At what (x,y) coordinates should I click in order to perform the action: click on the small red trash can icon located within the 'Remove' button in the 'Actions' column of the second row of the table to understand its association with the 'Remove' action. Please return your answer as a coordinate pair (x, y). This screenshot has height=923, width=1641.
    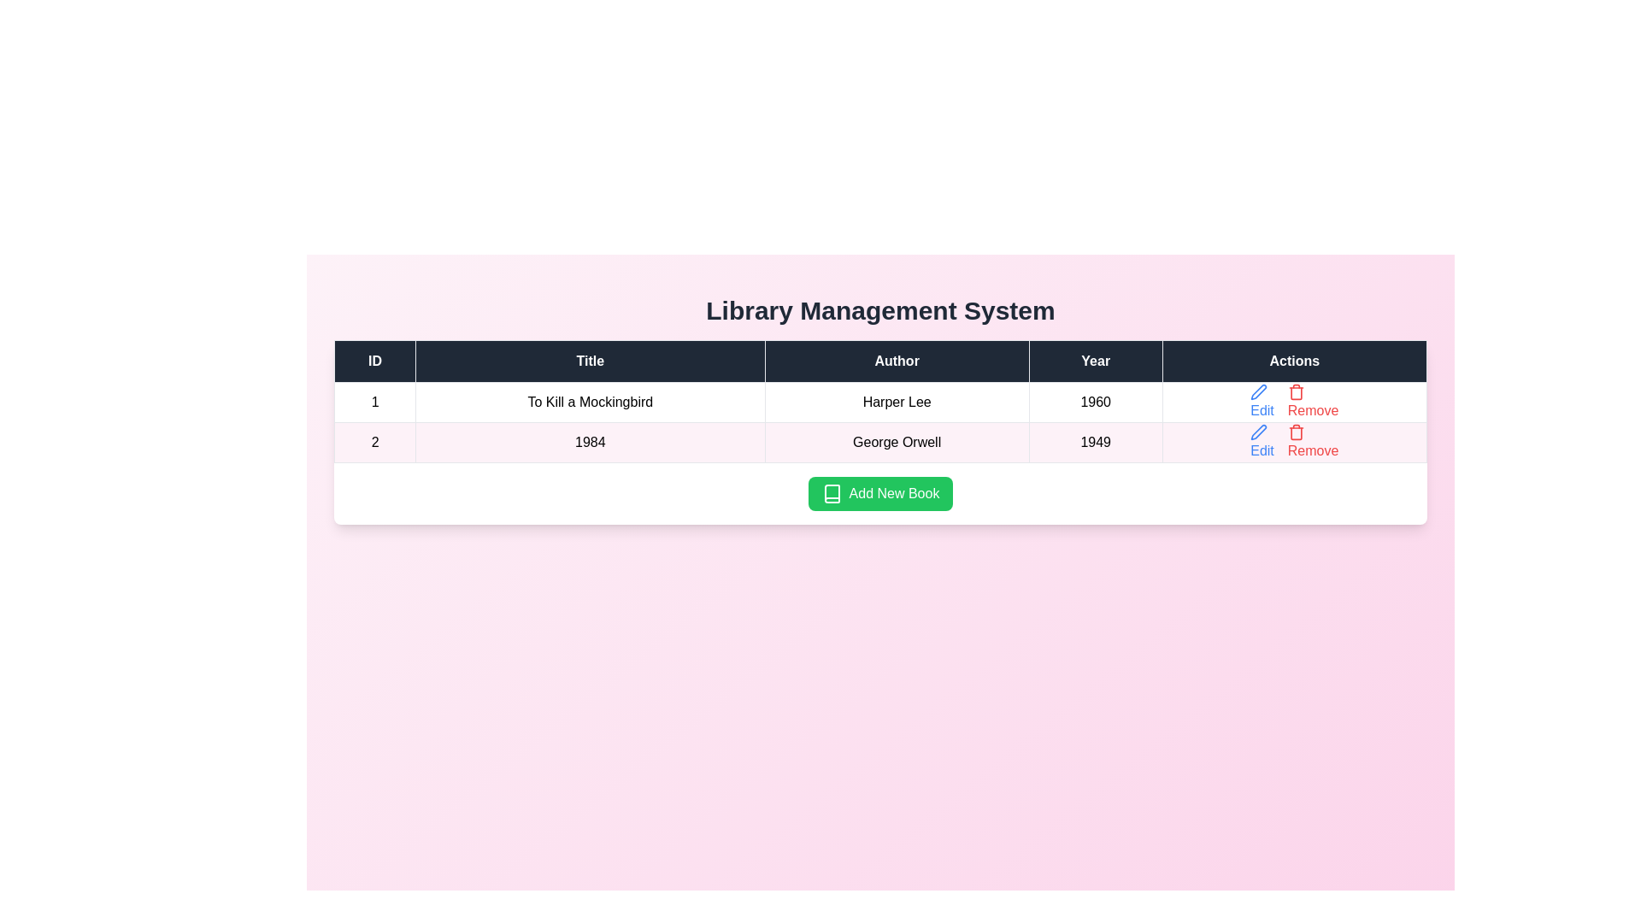
    Looking at the image, I should click on (1296, 392).